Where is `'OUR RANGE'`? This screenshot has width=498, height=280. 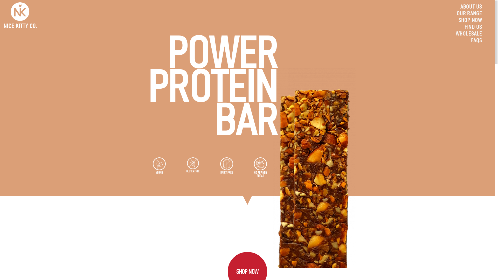 'OUR RANGE' is located at coordinates (469, 13).